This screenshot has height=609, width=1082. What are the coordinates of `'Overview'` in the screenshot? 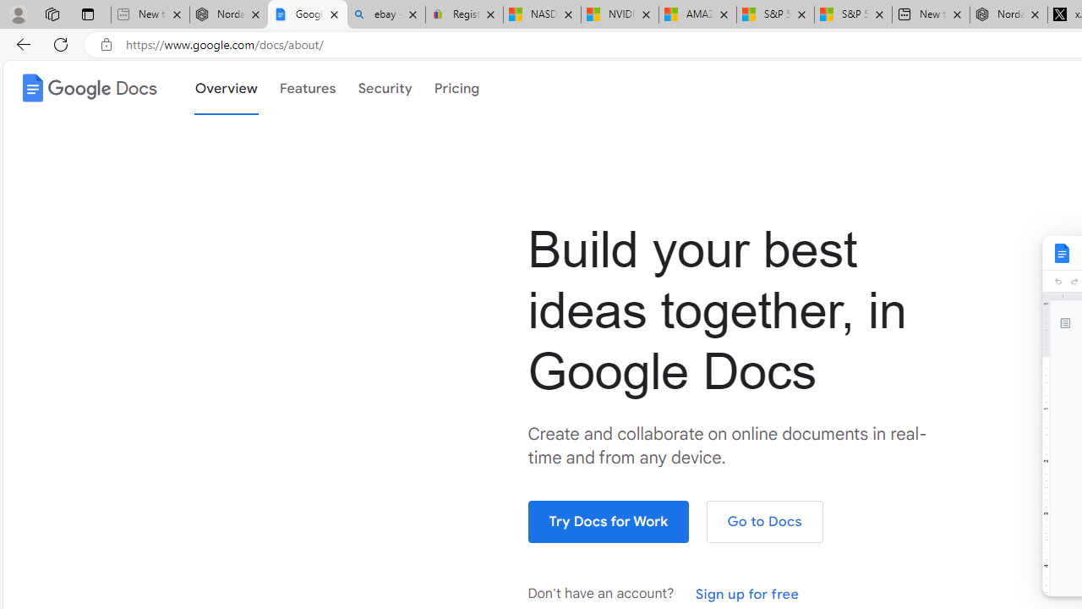 It's located at (225, 88).